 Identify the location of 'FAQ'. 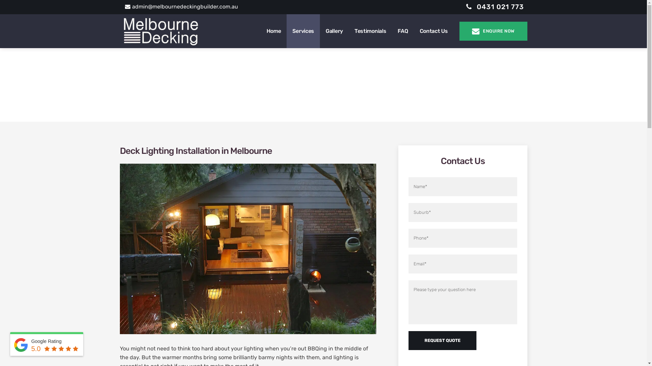
(402, 31).